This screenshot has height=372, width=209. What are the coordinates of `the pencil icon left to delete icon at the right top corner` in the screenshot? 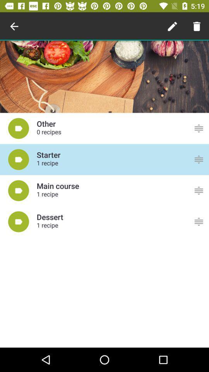 It's located at (172, 26).